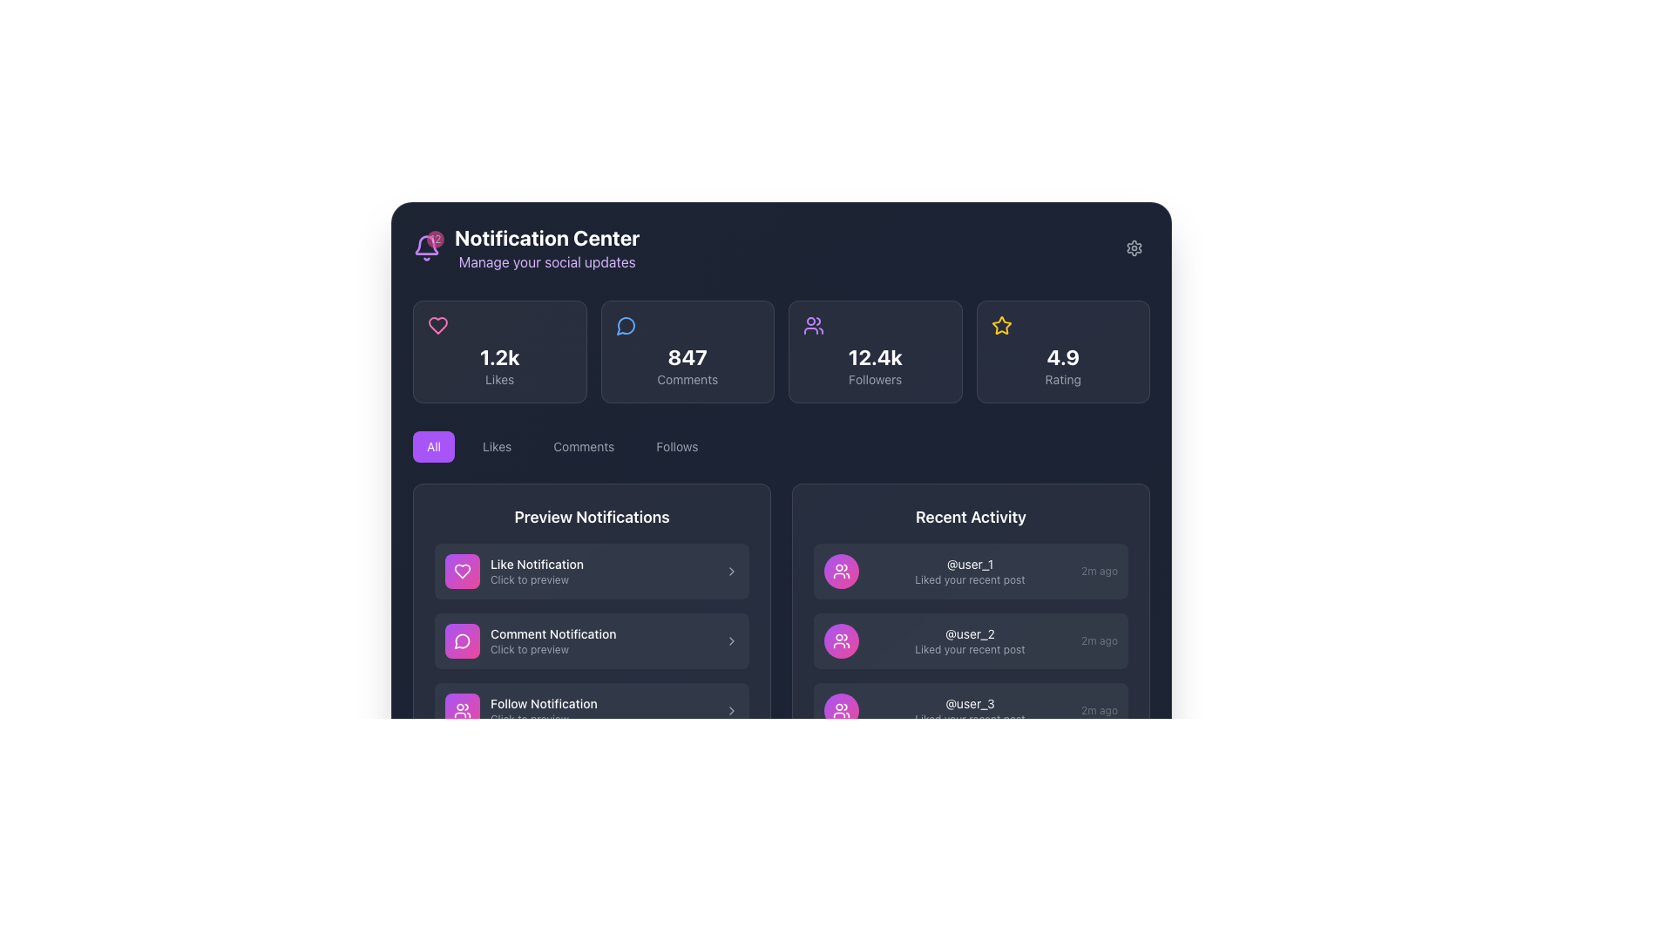  Describe the element at coordinates (781, 352) in the screenshot. I see `the Informational card displaying '12.4k Followers' located between '847 Comments' and '4.9 Rating' in the Notification Center` at that location.